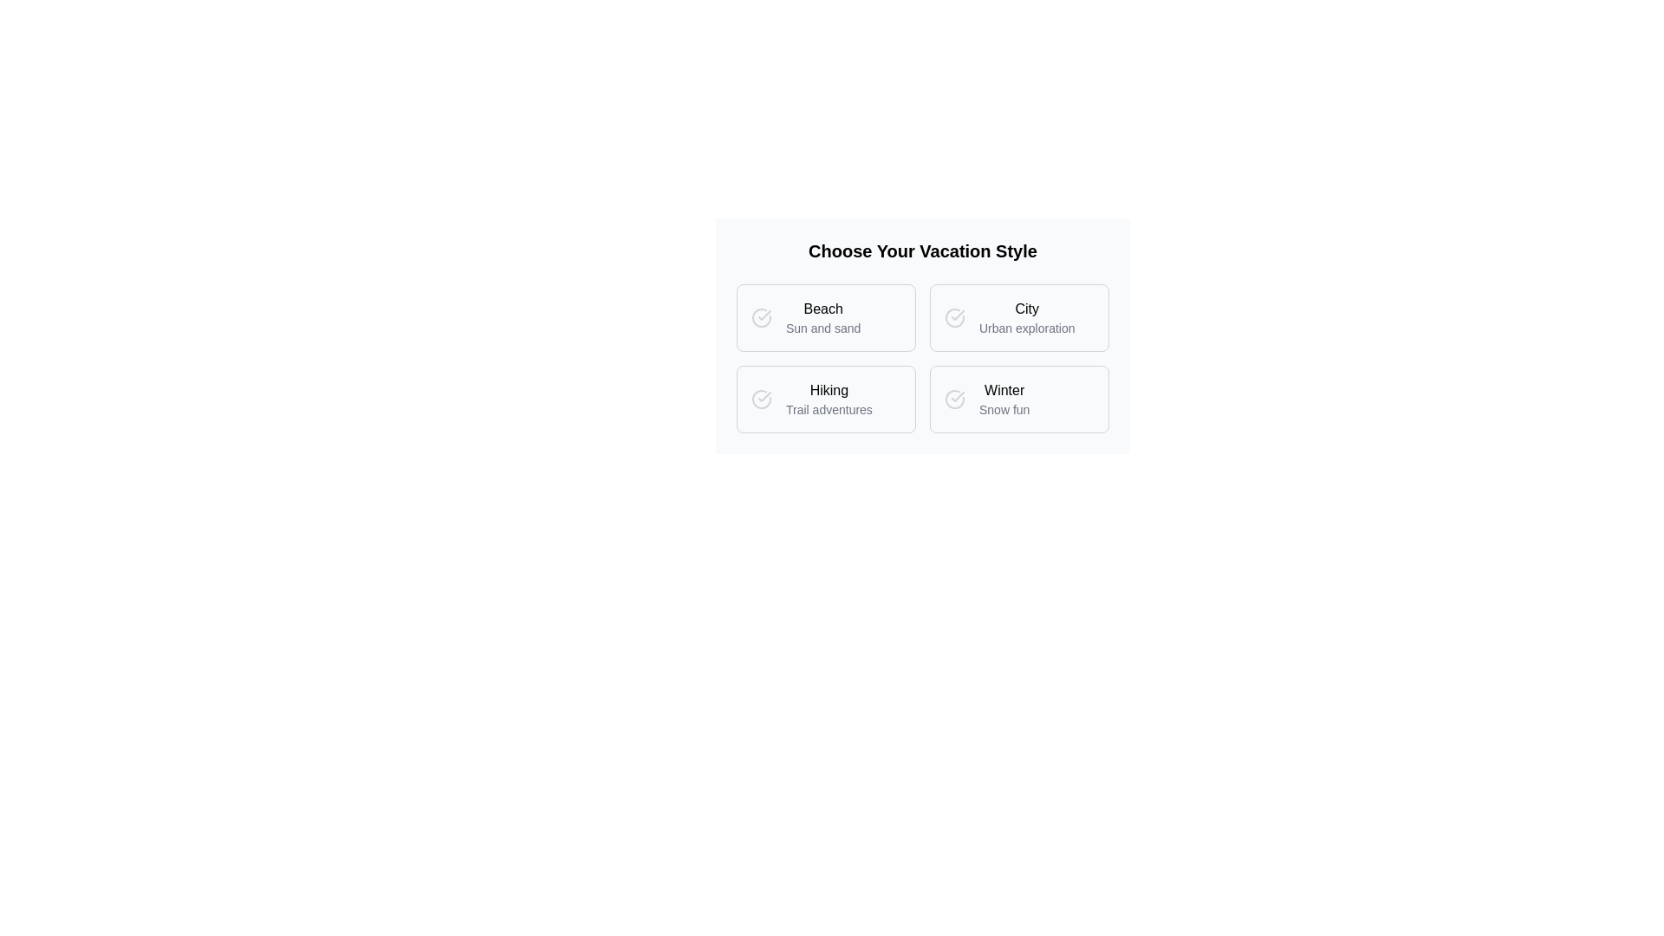 The height and width of the screenshot is (936, 1664). Describe the element at coordinates (828, 391) in the screenshot. I see `the bold title 'Hiking' text label in the lower-left card of the four-card grid layout to trigger a tooltip or highlighting effect` at that location.